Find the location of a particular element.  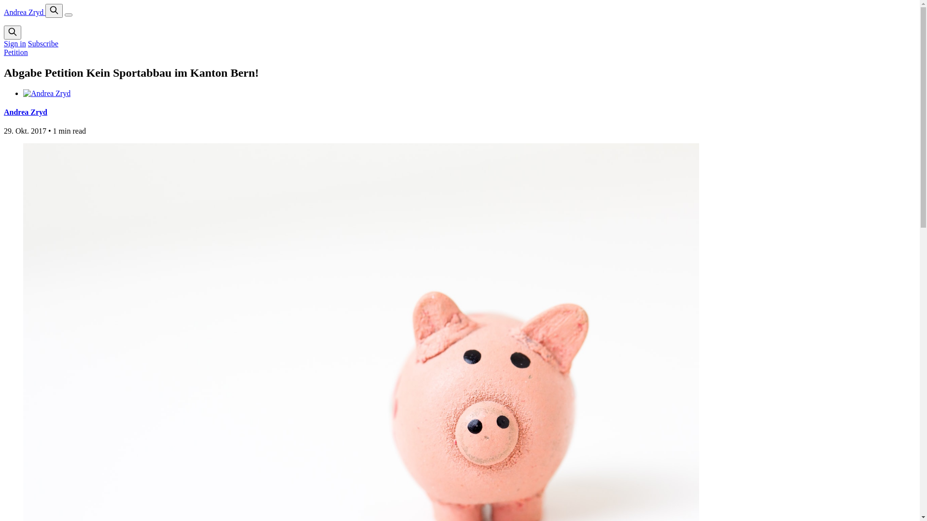

'Petition' is located at coordinates (16, 52).